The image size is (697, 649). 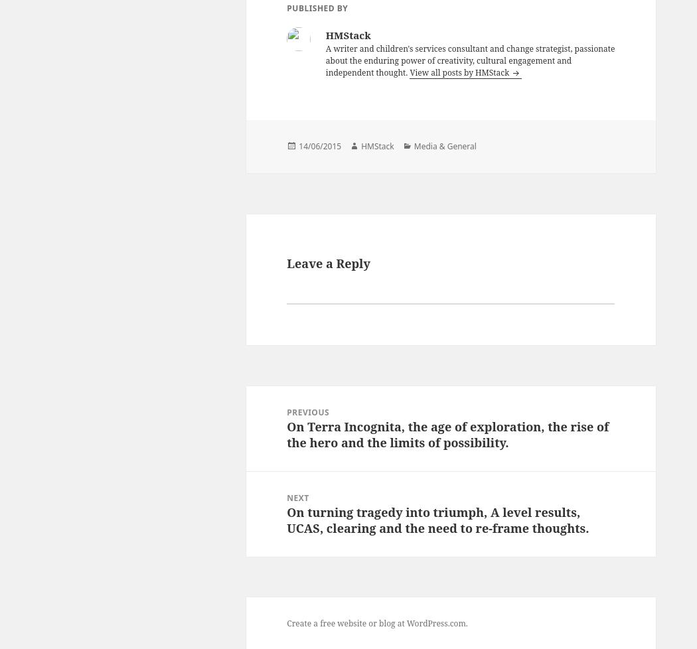 I want to click on 'A writer and children's services consultant and change strategist, passionate about the enduring power of creativity, cultural engagement and independent thought.', so click(x=470, y=60).